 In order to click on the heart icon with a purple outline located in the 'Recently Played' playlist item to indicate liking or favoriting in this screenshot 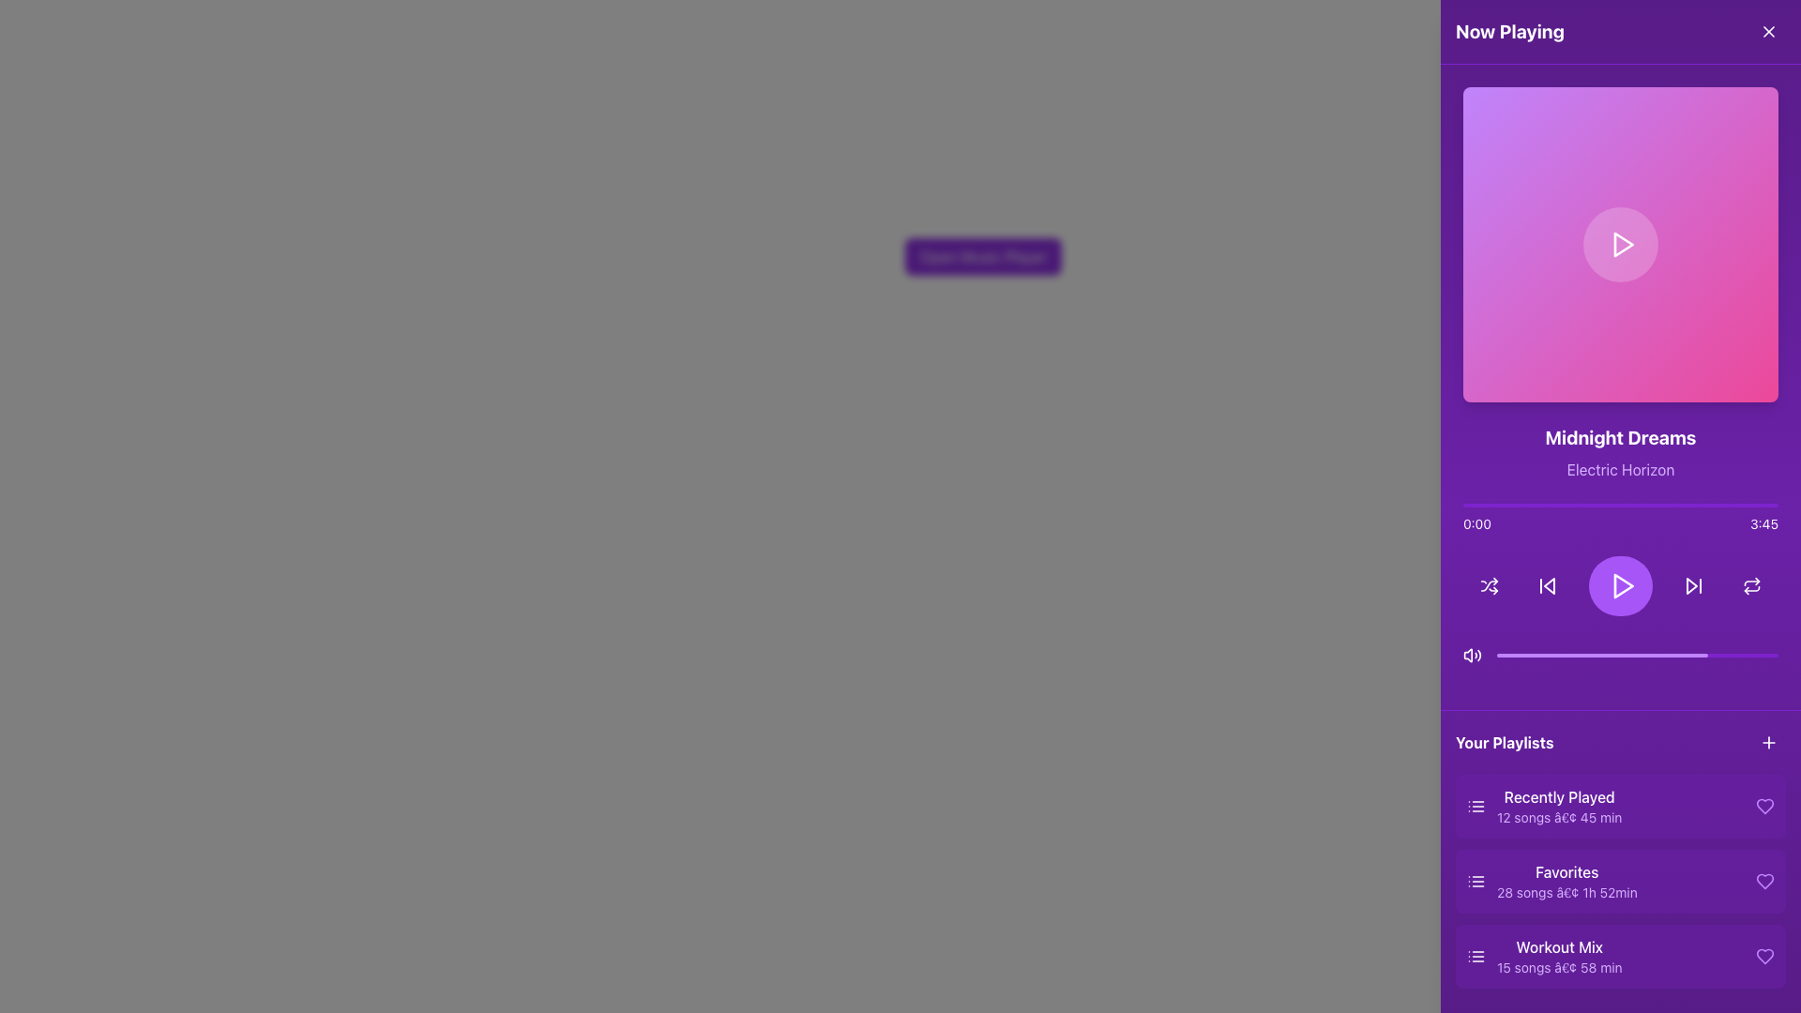, I will do `click(1763, 806)`.